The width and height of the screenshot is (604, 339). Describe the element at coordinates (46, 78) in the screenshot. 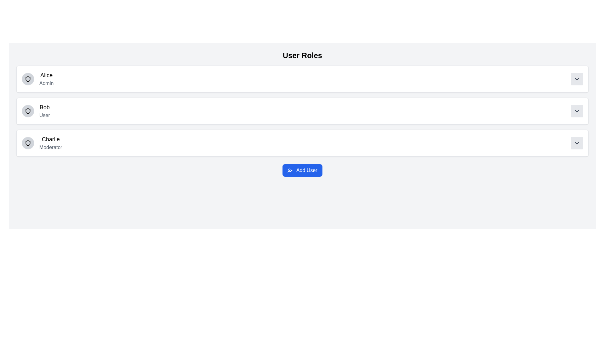

I see `static text label displaying 'Alice' and 'Admin', which is positioned in the topmost user entry row on the left side within the user roles list` at that location.